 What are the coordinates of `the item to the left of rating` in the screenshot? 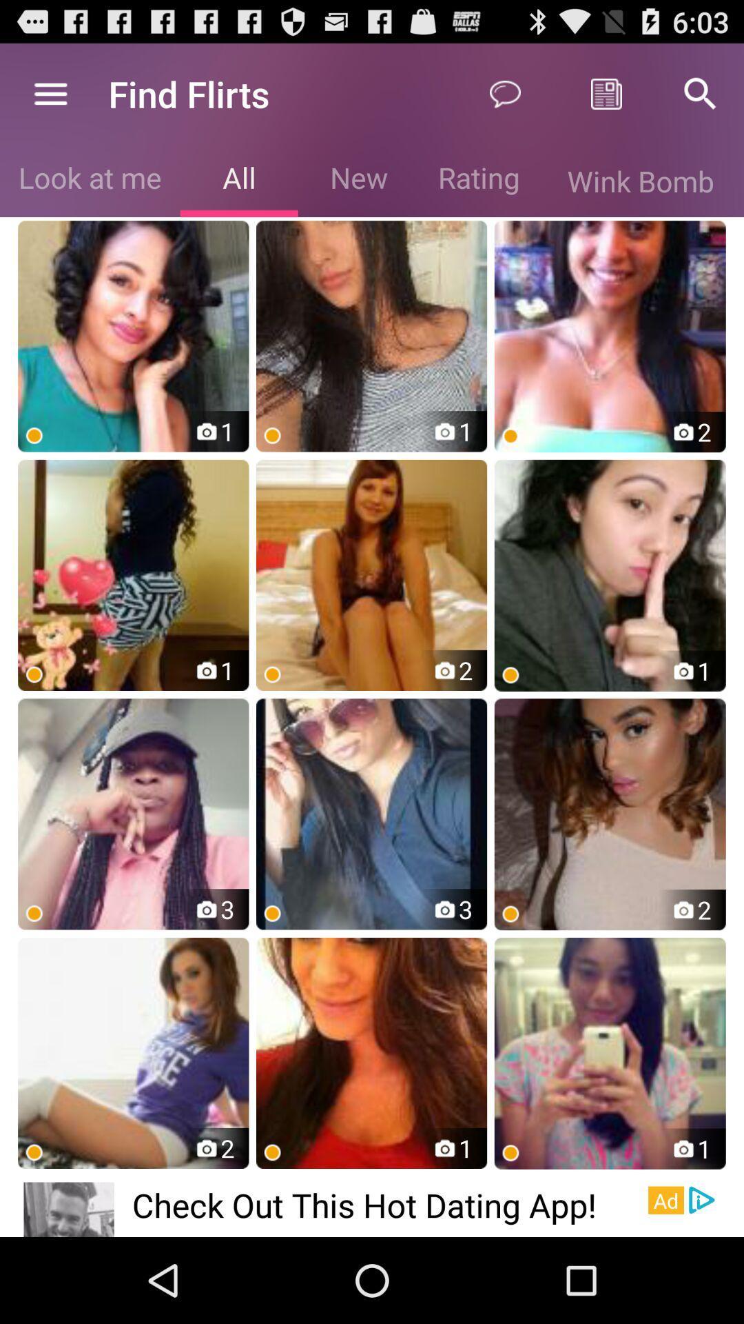 It's located at (358, 180).